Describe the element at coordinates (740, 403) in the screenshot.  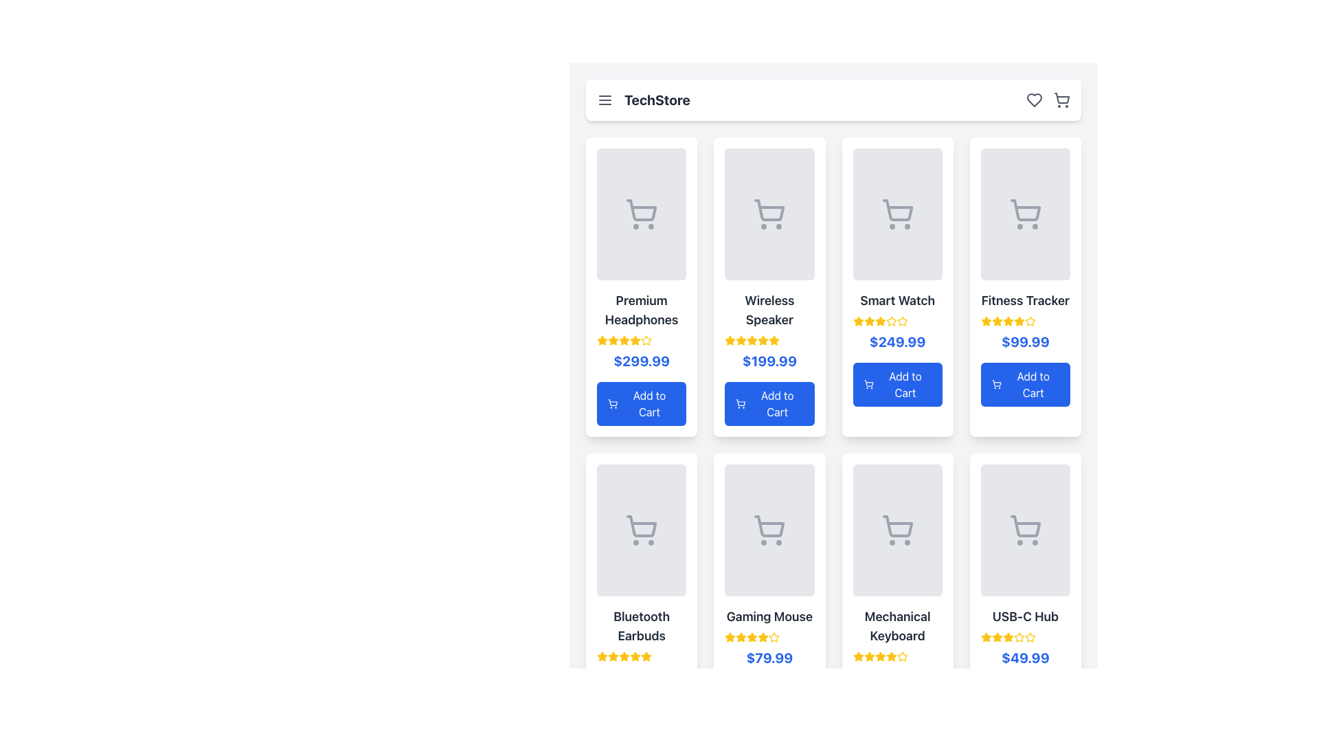
I see `the shopping cart icon embedded in the 'Add to Cart' button located below the 'Wireless Speaker' product card` at that location.